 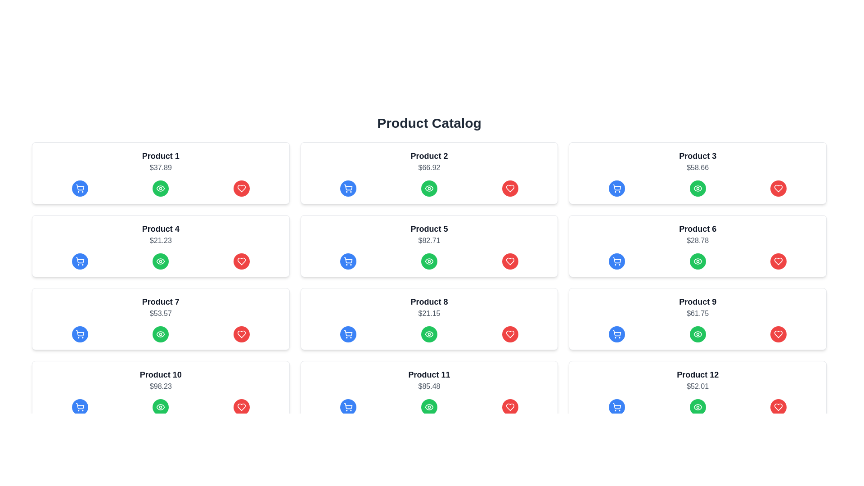 I want to click on the interactive icon for viewing product details located in the product card labeled 'Product 11', centered between the blue cart icon and the red heart icon, so click(x=429, y=407).